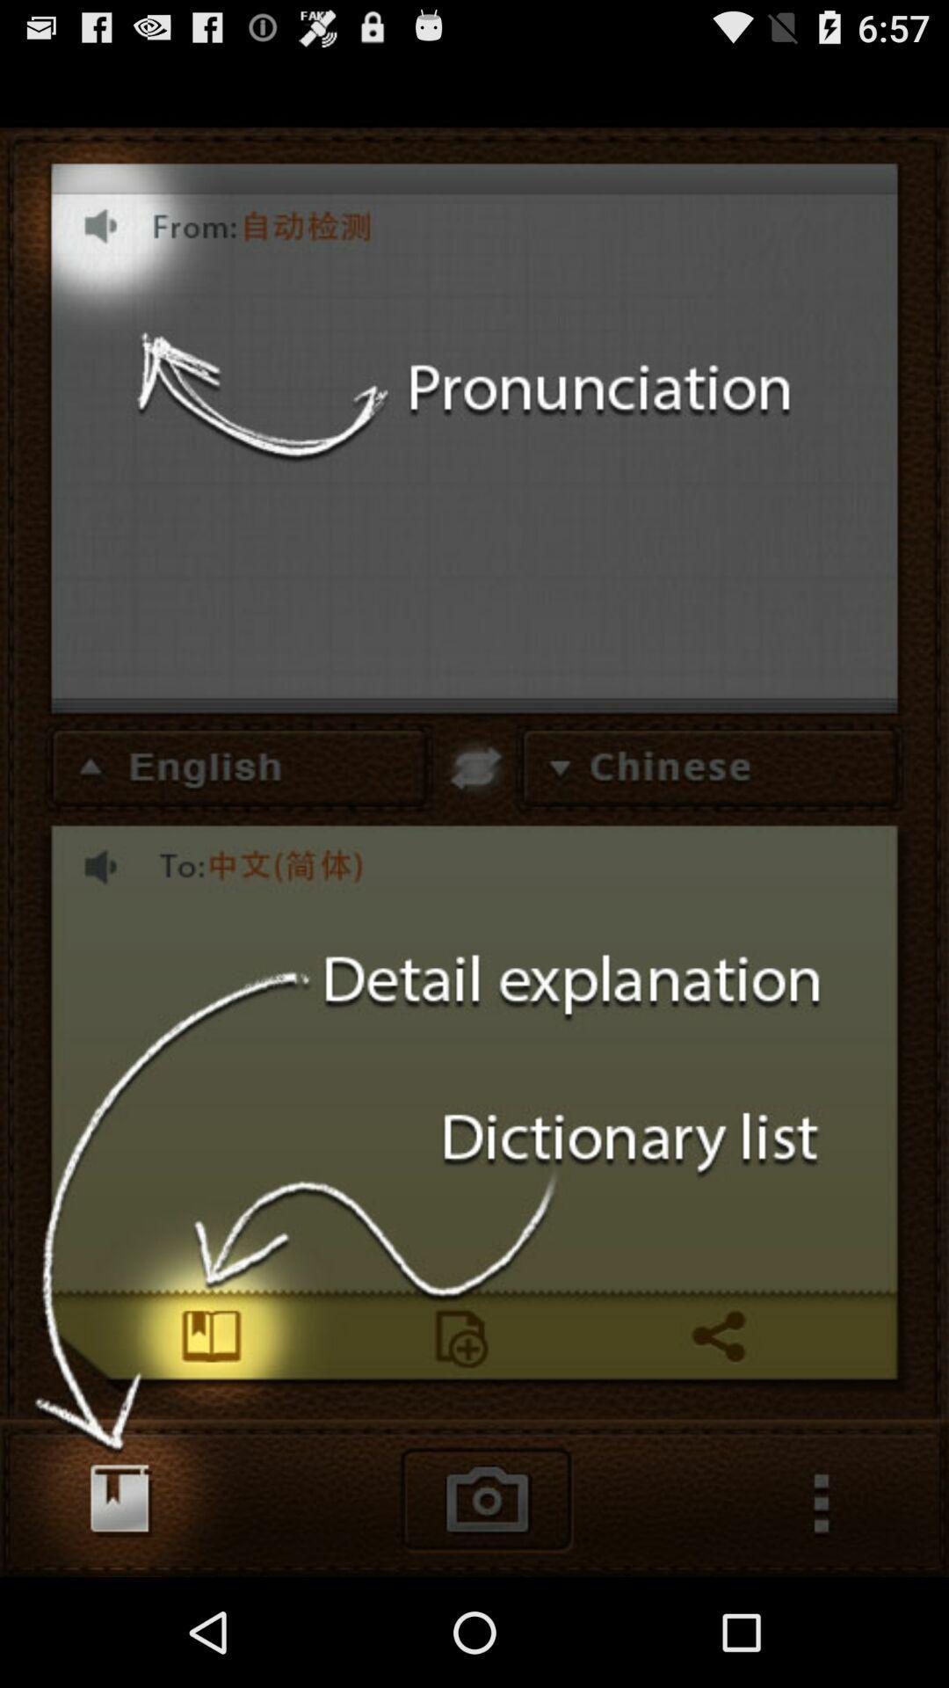 This screenshot has height=1688, width=949. What do you see at coordinates (473, 1625) in the screenshot?
I see `the photo icon` at bounding box center [473, 1625].